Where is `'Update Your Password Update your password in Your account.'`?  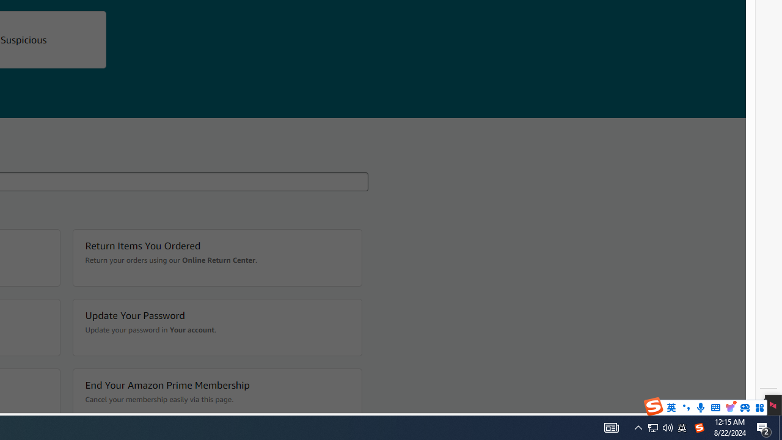 'Update Your Password Update your password in Your account.' is located at coordinates (217, 327).